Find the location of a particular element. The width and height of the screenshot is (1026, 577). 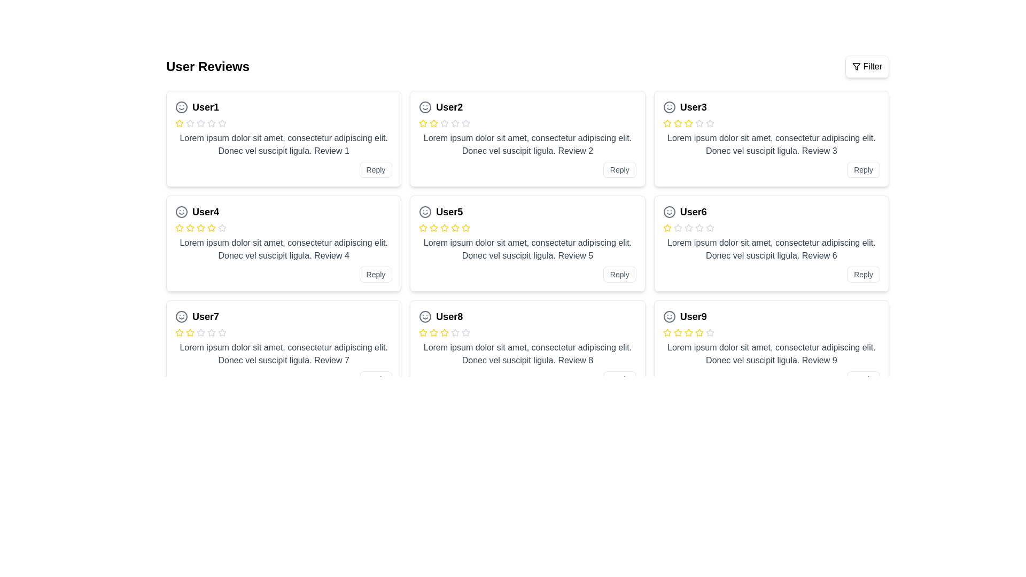

the first yellow star in the review card for 'User6', which serves as a graphical representation for a single unit of a rating is located at coordinates (666, 227).